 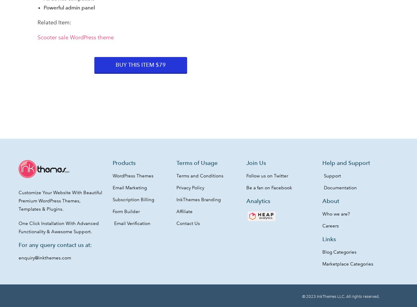 I want to click on 'Form Builder', so click(x=126, y=211).